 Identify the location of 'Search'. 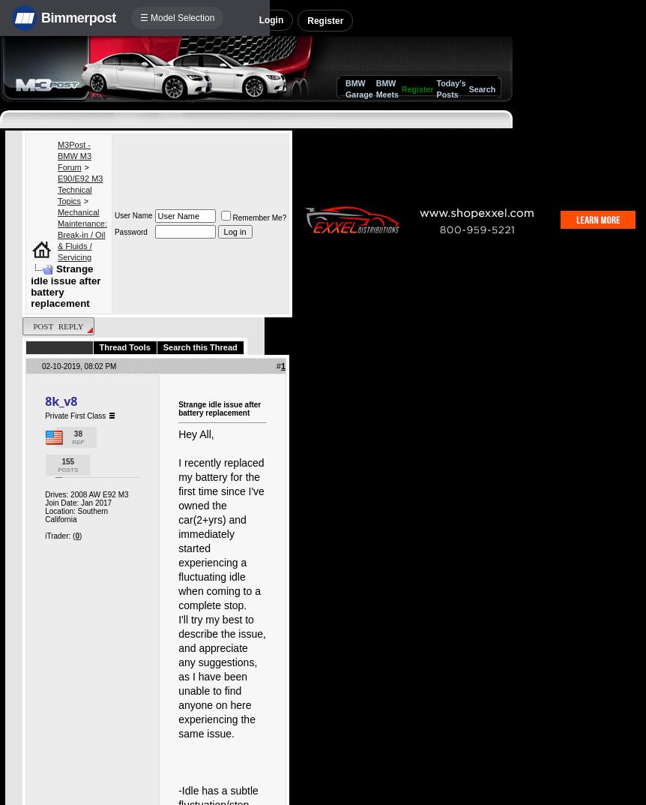
(481, 89).